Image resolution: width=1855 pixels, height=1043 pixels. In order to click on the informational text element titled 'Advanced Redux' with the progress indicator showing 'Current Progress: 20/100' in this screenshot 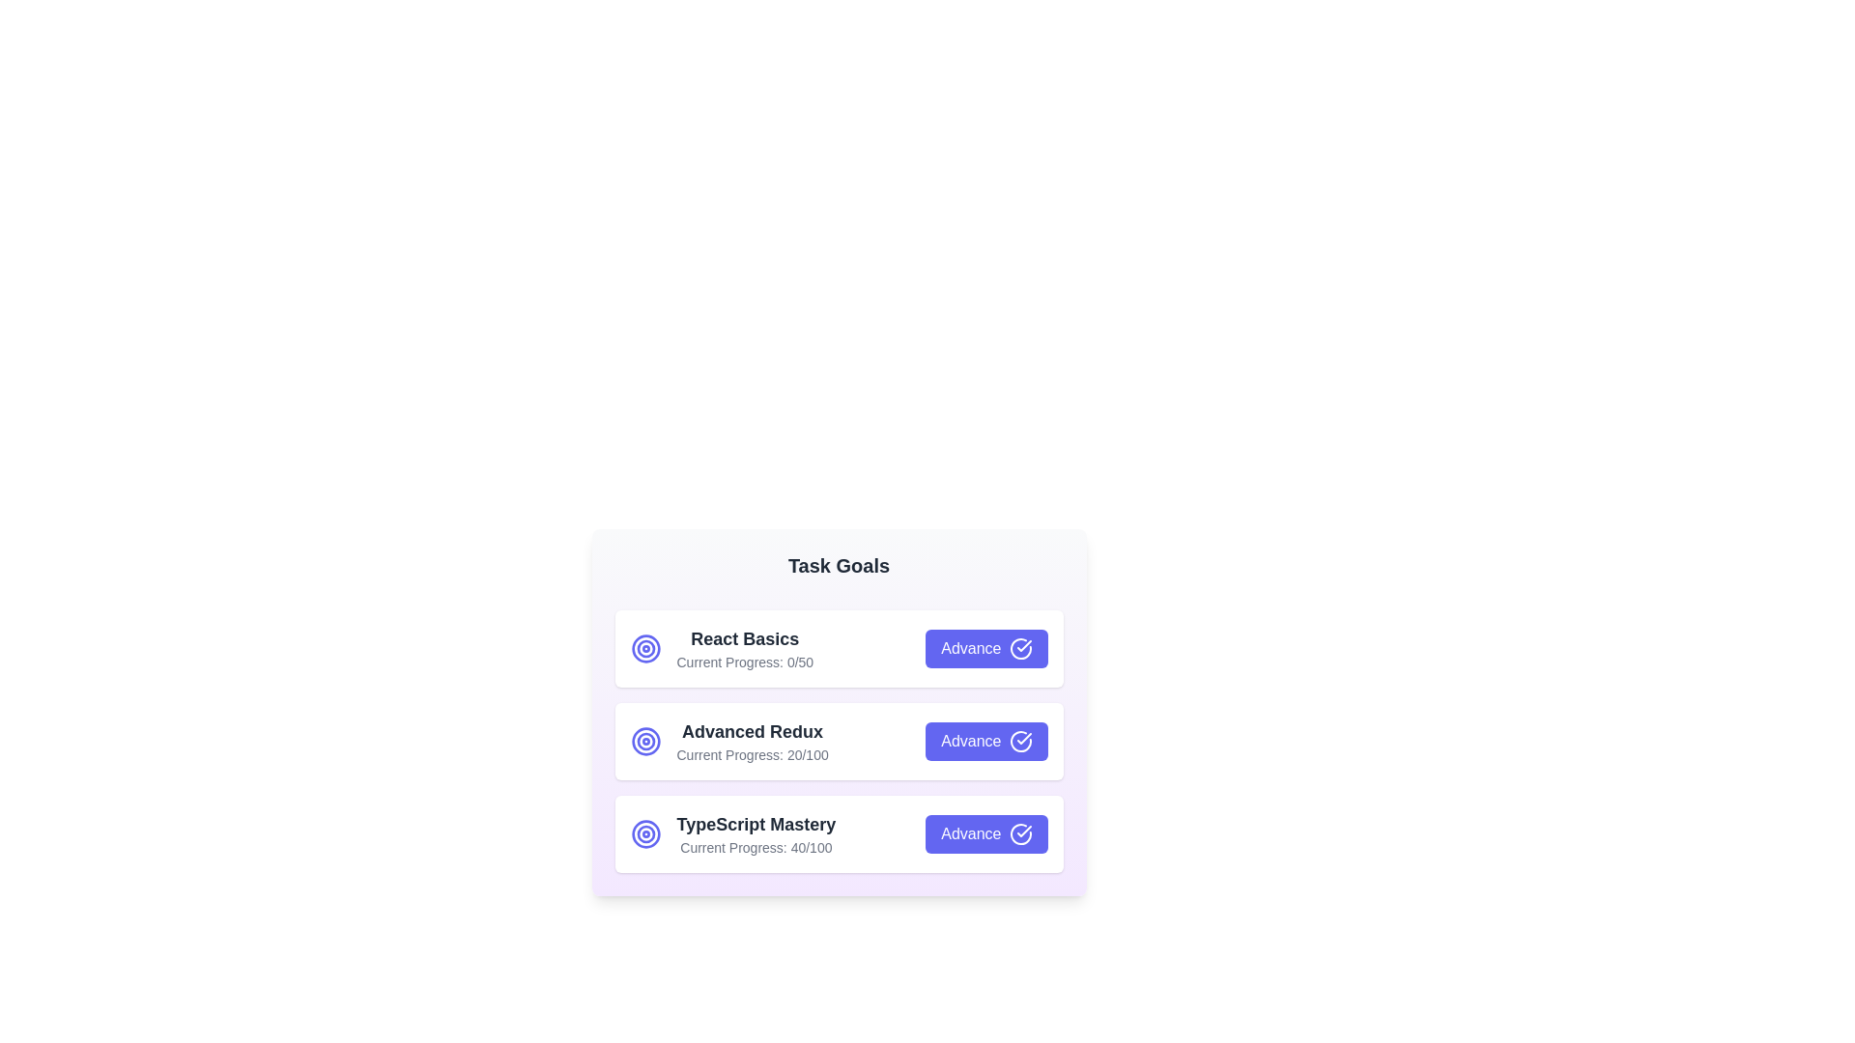, I will do `click(728, 740)`.